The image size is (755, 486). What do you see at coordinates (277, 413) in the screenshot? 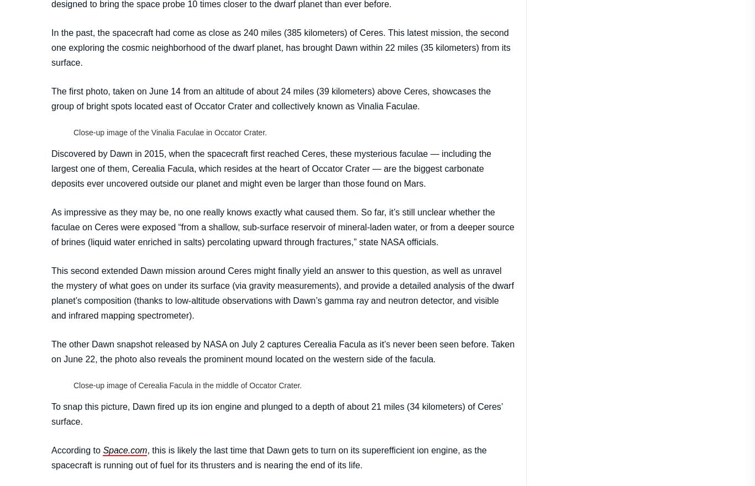
I see `'To snap this picture, Dawn fired up its ion engine and plunged to a depth of about 21 miles (34 kilometers) of Ceres’ surface.'` at bounding box center [277, 413].